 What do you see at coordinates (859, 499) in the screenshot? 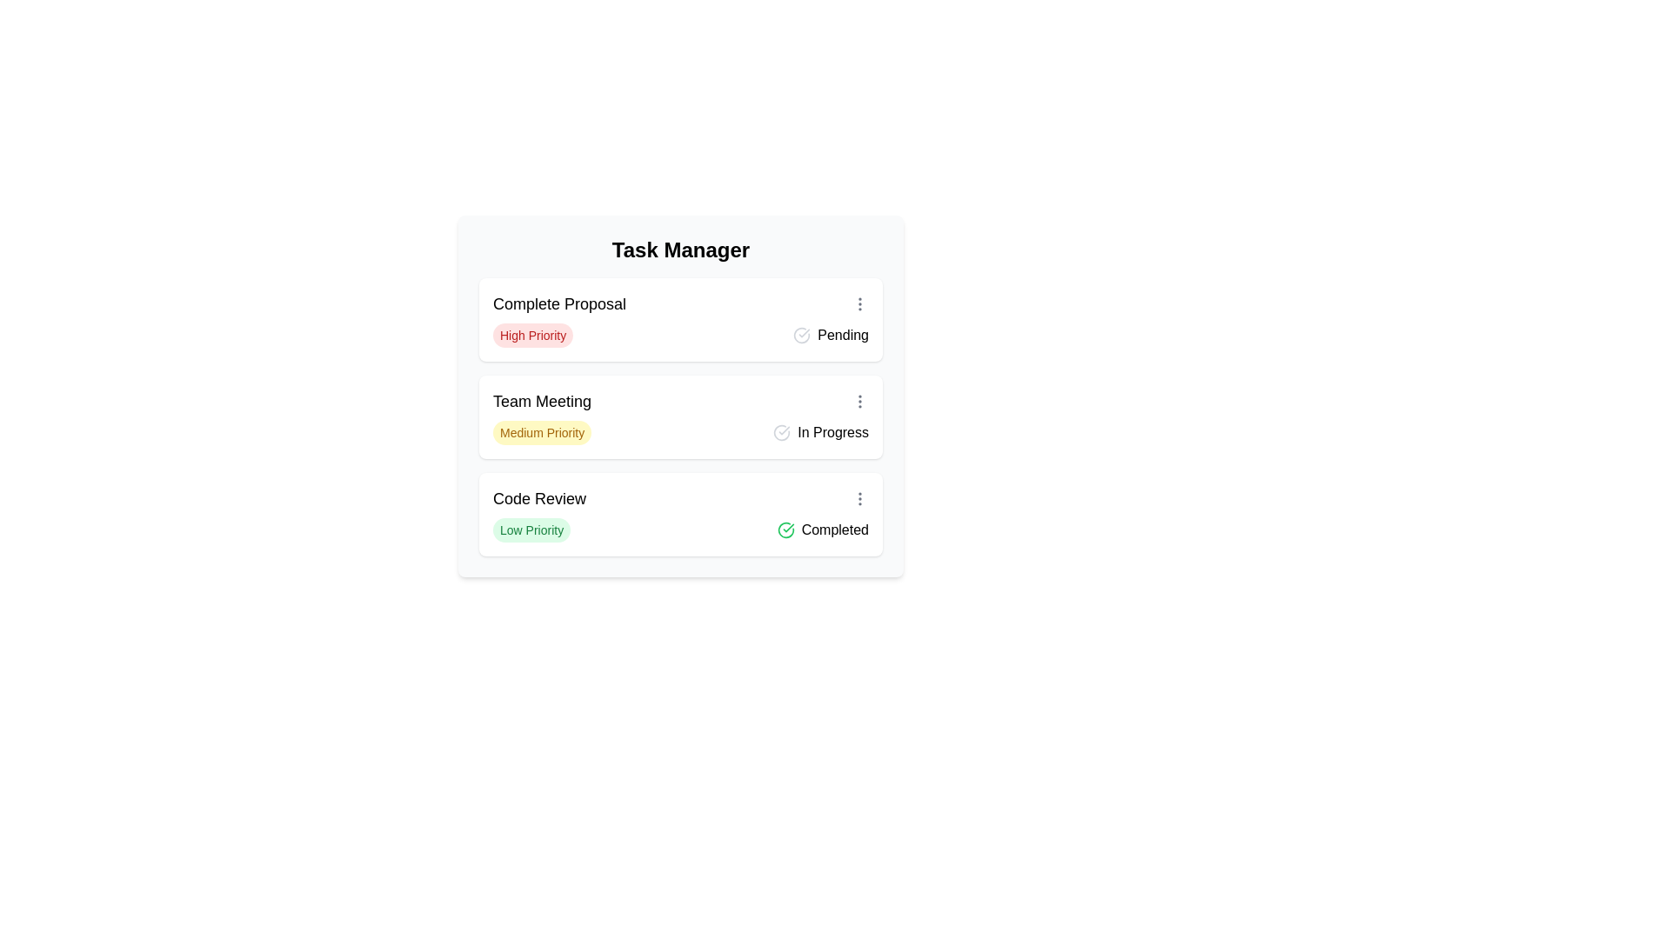
I see `the vertical ellipsis button located at the rightmost section of the 'Code Review' row beside the text 'Completed'` at bounding box center [859, 499].